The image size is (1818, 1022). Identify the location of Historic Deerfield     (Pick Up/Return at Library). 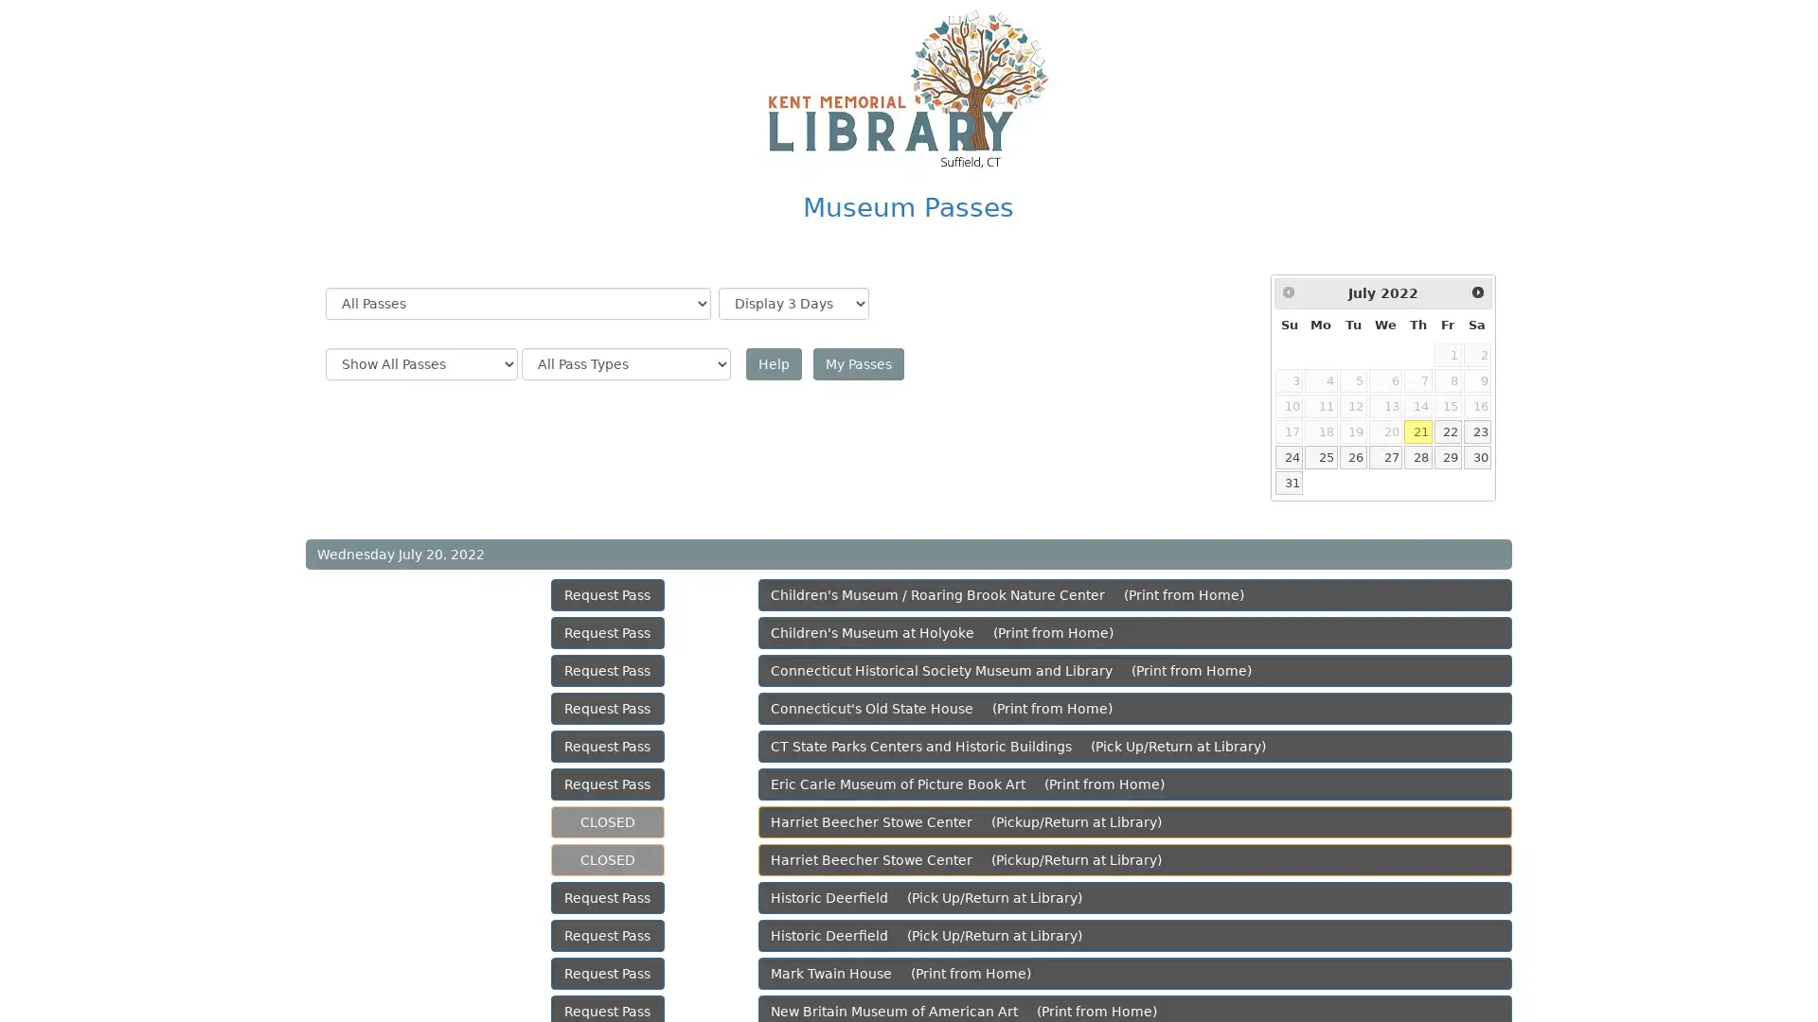
(1134, 934).